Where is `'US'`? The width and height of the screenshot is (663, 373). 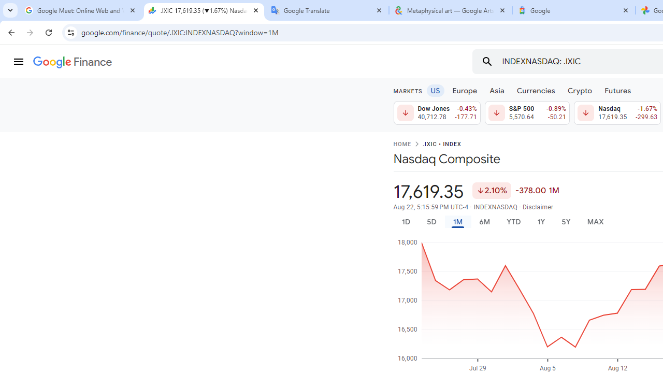
'US' is located at coordinates (435, 90).